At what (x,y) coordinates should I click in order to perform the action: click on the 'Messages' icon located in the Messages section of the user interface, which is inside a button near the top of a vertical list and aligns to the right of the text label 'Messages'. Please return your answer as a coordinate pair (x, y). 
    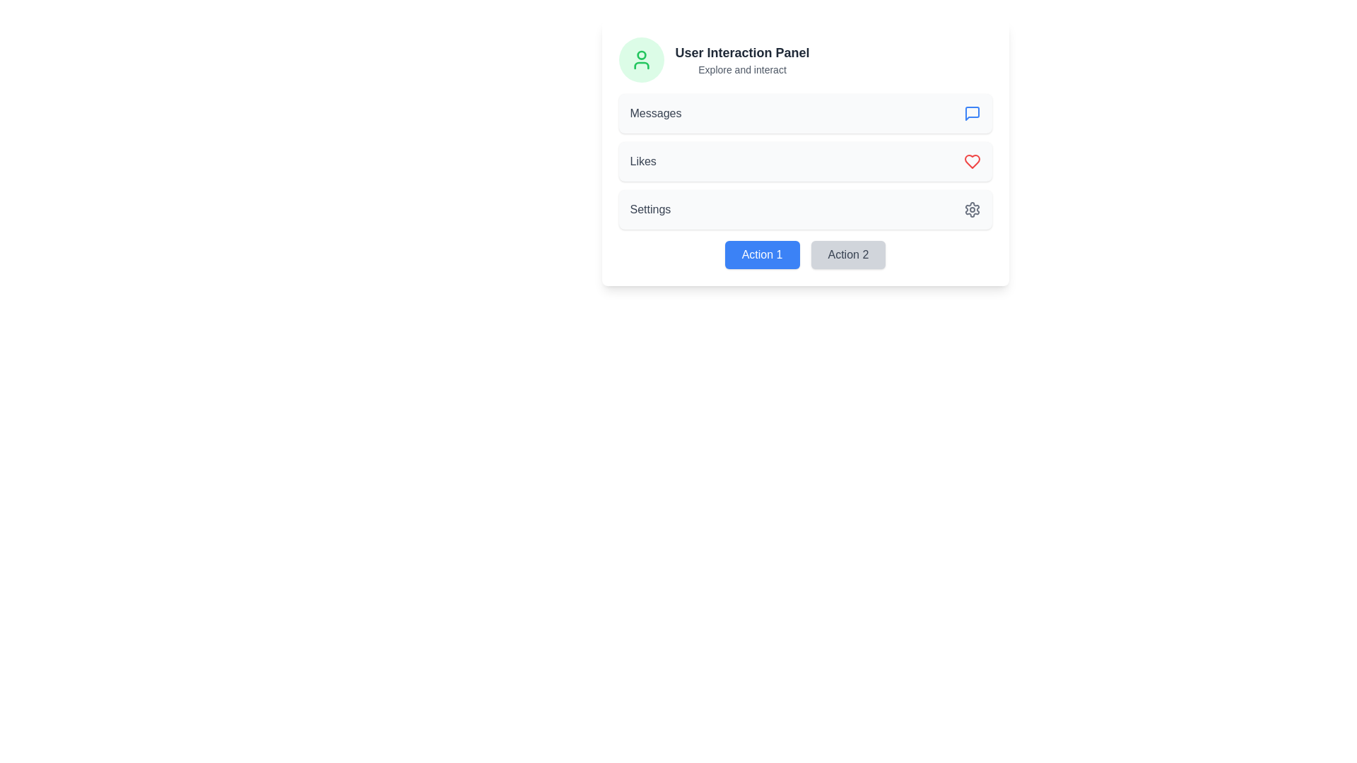
    Looking at the image, I should click on (971, 113).